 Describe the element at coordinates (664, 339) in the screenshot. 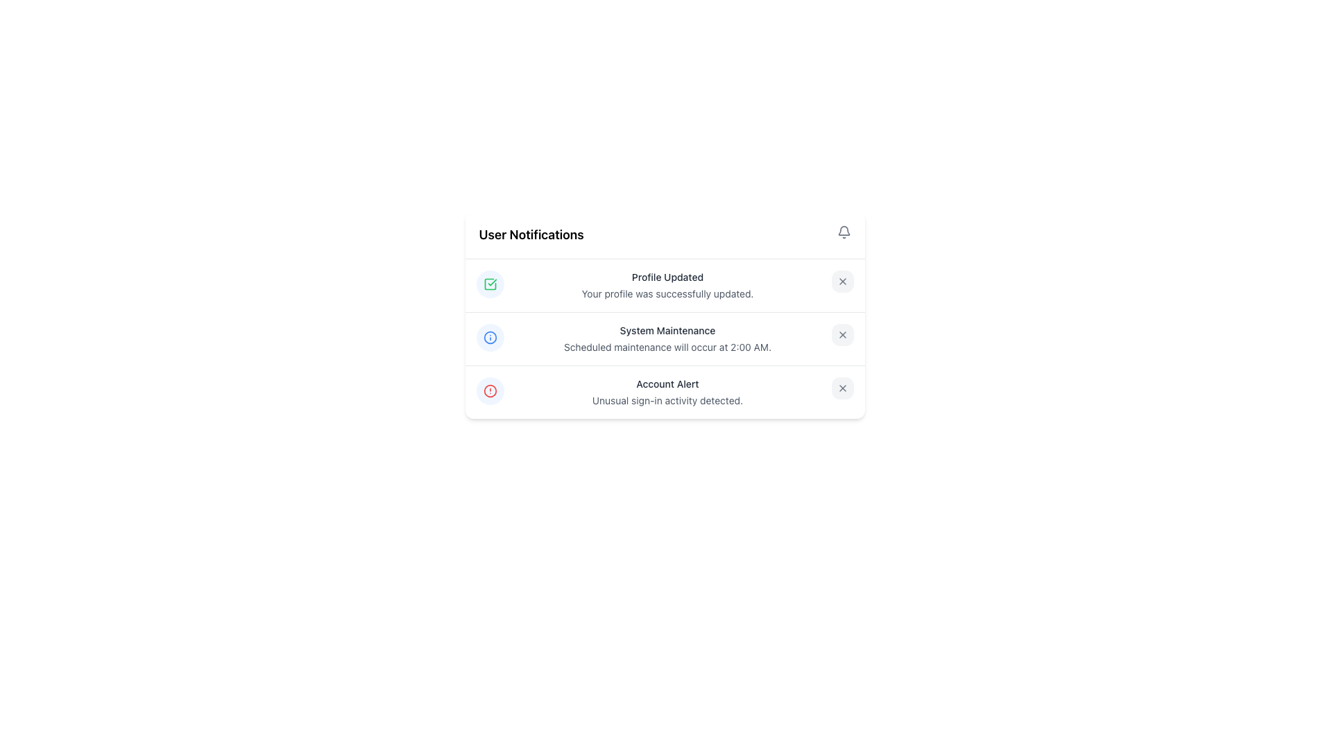

I see `the second notification element in the 'User Notifications' section for further interaction` at that location.